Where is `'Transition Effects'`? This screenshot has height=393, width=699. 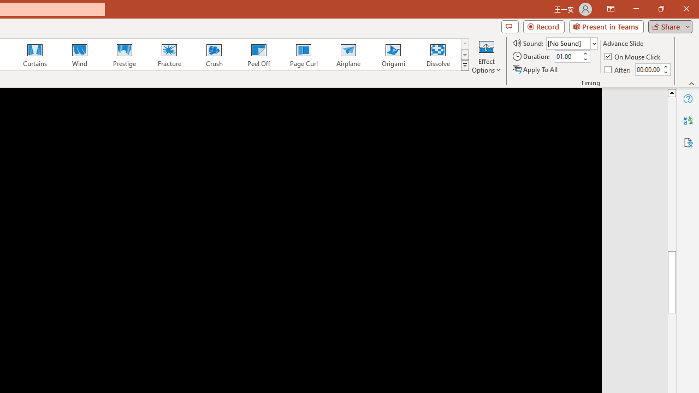
'Transition Effects' is located at coordinates (465, 65).